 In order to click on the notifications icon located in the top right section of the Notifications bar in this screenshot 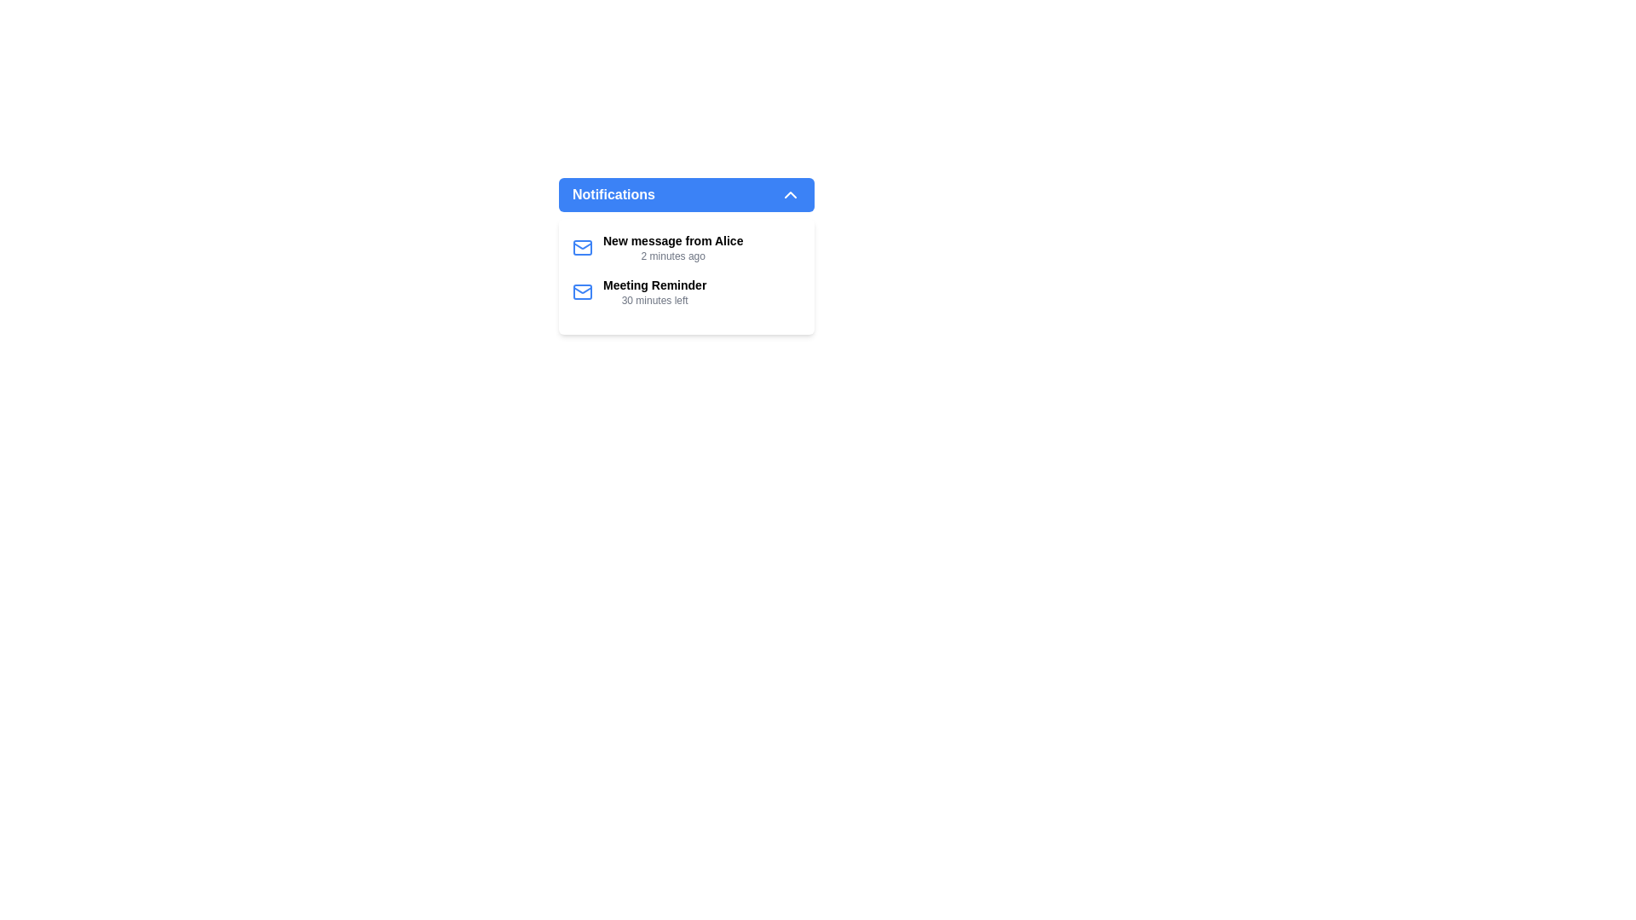, I will do `click(789, 193)`.